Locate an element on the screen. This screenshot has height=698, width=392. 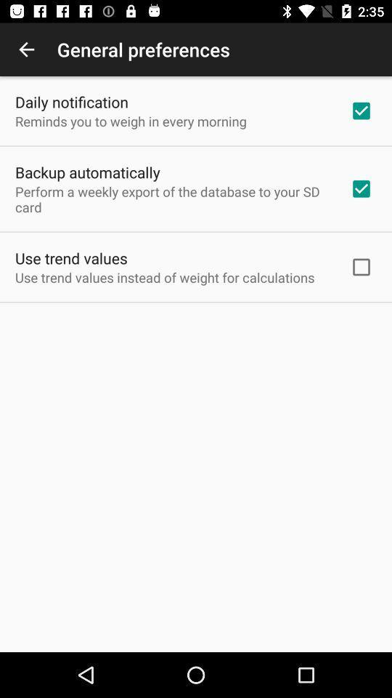
app above use trend values icon is located at coordinates (173, 198).